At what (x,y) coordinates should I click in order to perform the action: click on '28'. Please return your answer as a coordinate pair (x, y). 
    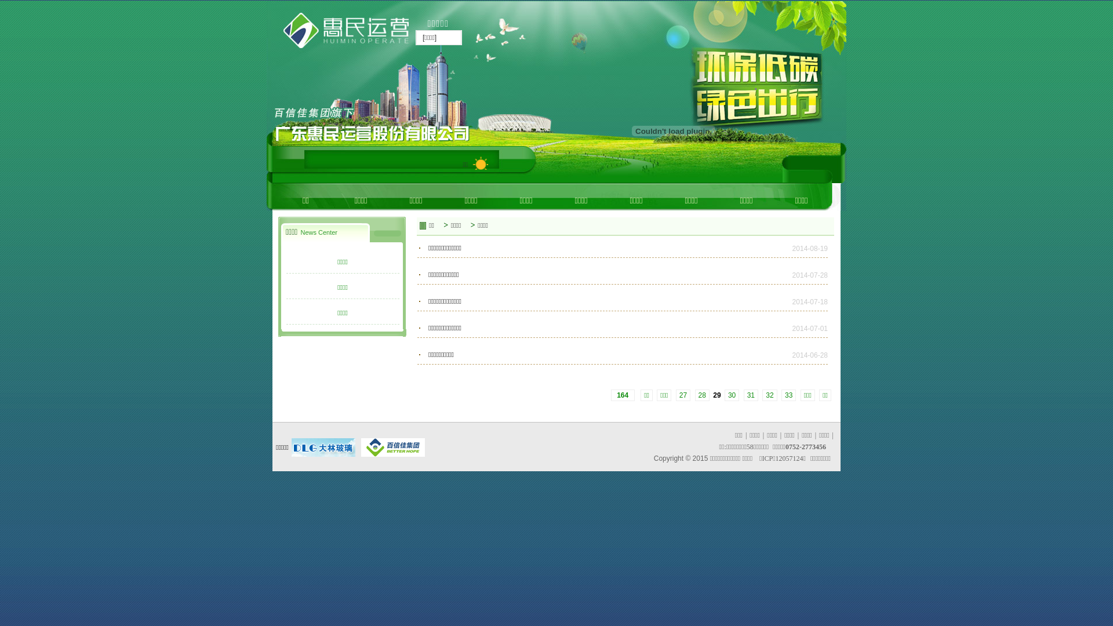
    Looking at the image, I should click on (701, 395).